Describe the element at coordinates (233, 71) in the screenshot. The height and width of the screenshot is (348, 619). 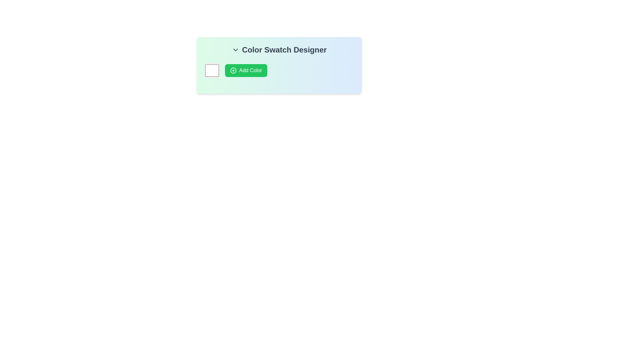
I see `the circular icon within the green button labeled 'Add Color', which is positioned centrally inside the button` at that location.